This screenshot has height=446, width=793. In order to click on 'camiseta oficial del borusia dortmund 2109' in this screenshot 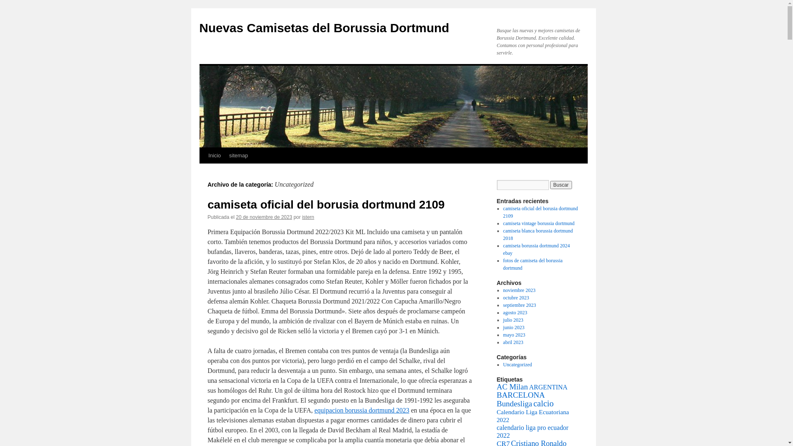, I will do `click(540, 211)`.